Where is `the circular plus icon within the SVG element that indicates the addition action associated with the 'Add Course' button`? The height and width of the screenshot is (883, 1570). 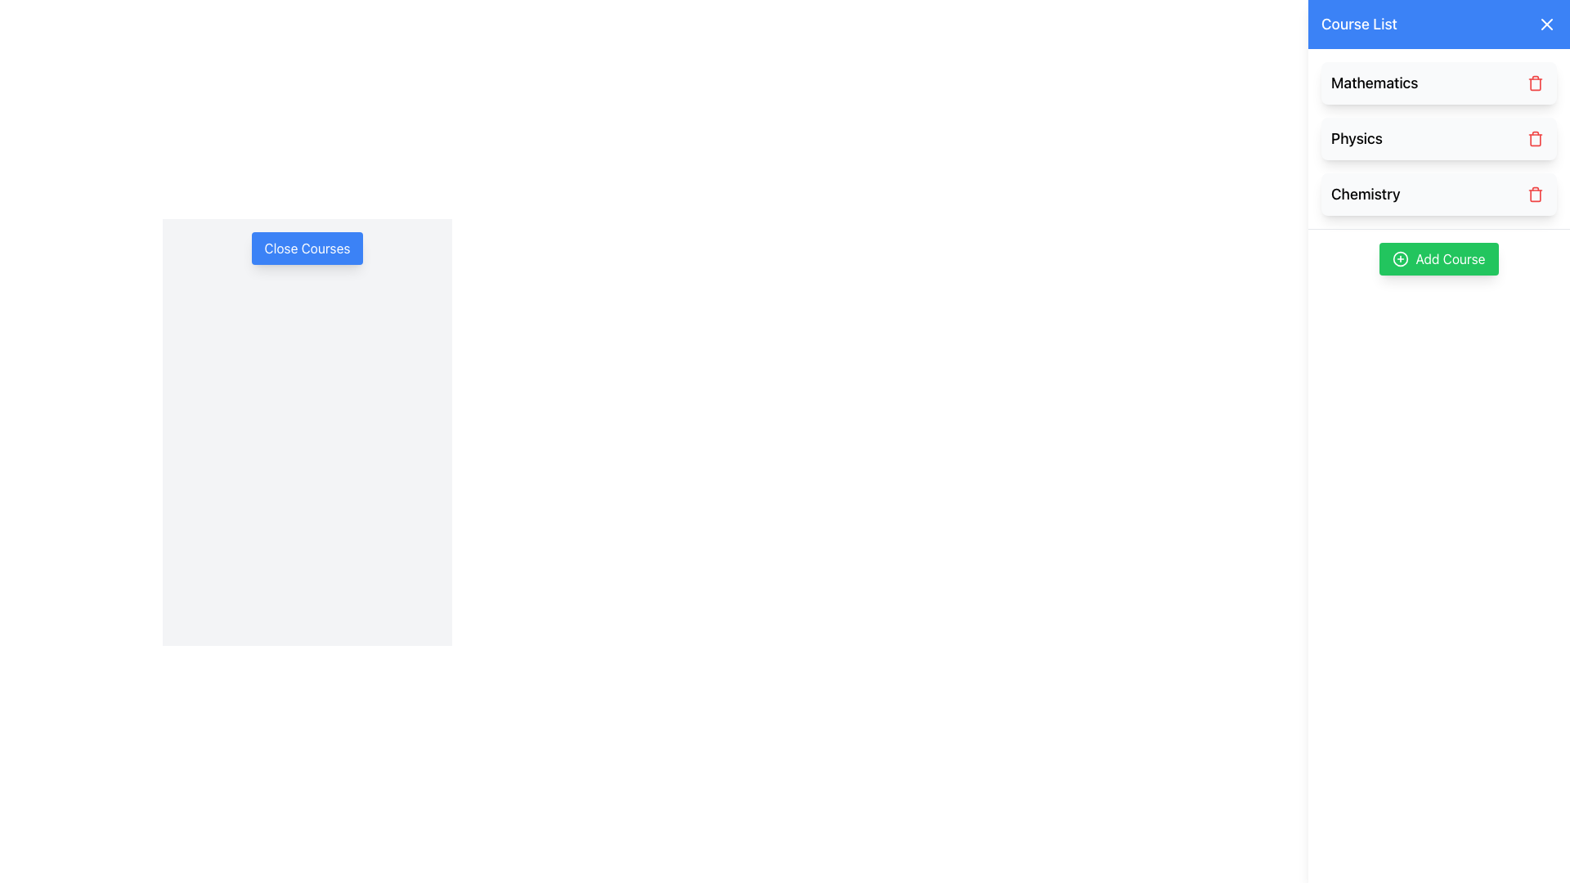 the circular plus icon within the SVG element that indicates the addition action associated with the 'Add Course' button is located at coordinates (1400, 258).